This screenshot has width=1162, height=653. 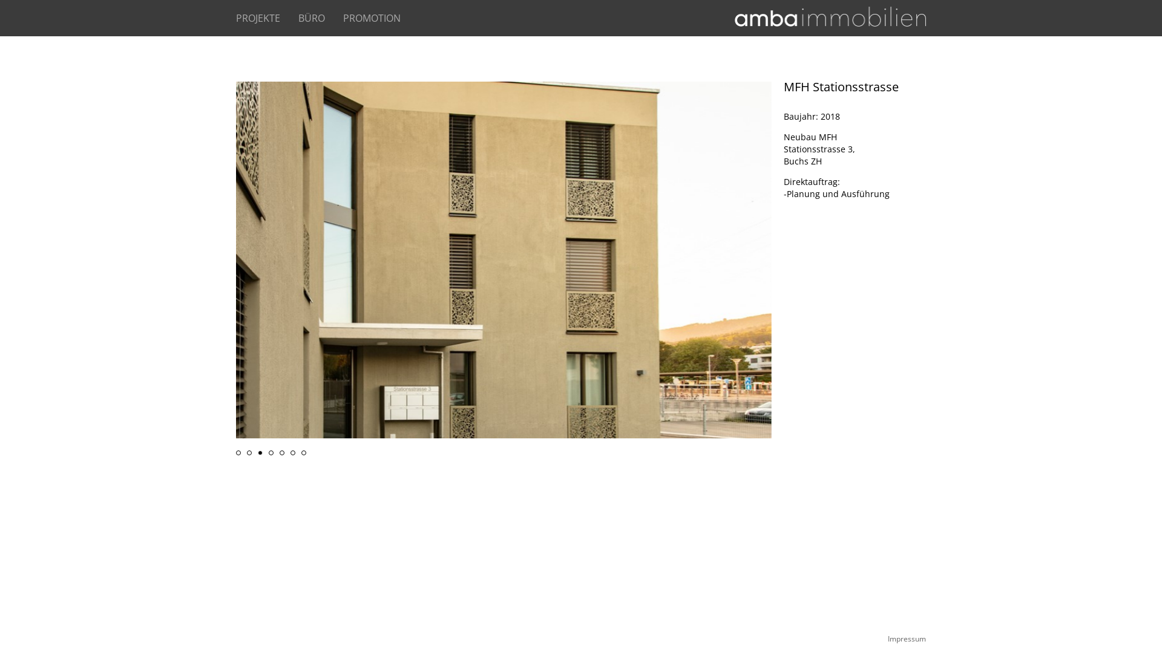 I want to click on 'PROJEKTE', so click(x=266, y=18).